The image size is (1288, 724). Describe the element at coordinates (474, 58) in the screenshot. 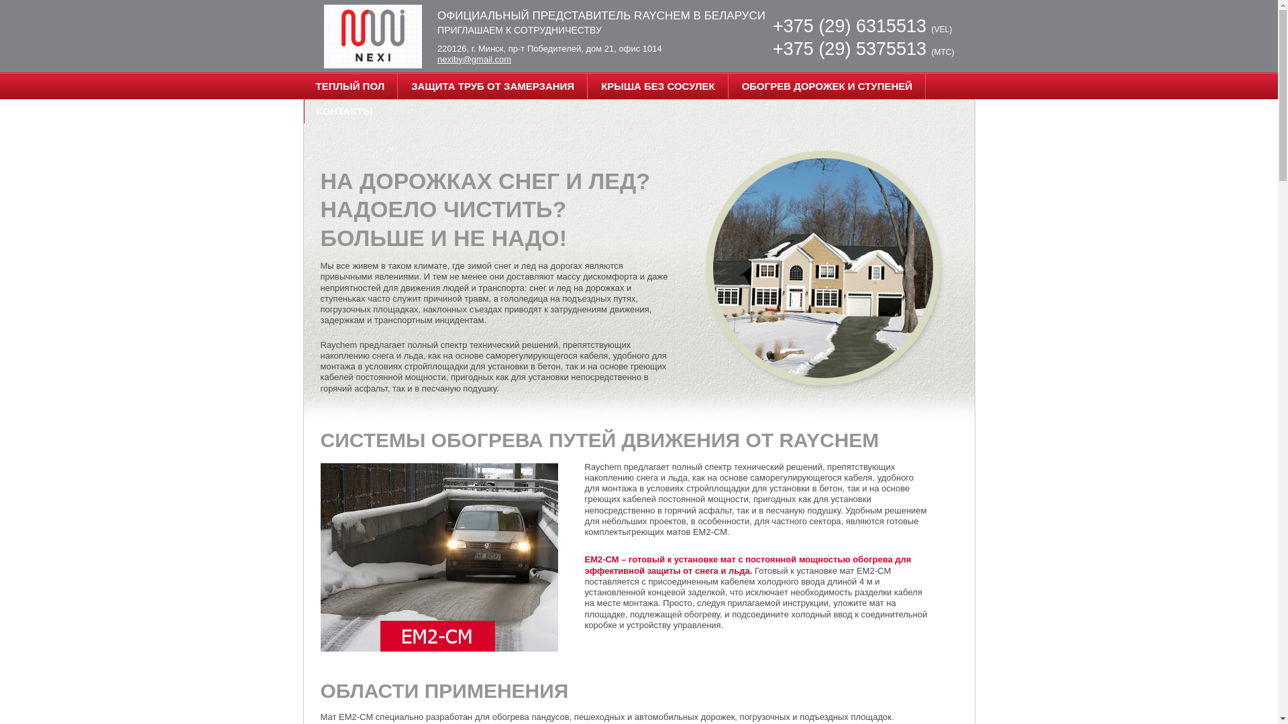

I see `'nexiby@gmail.com'` at that location.